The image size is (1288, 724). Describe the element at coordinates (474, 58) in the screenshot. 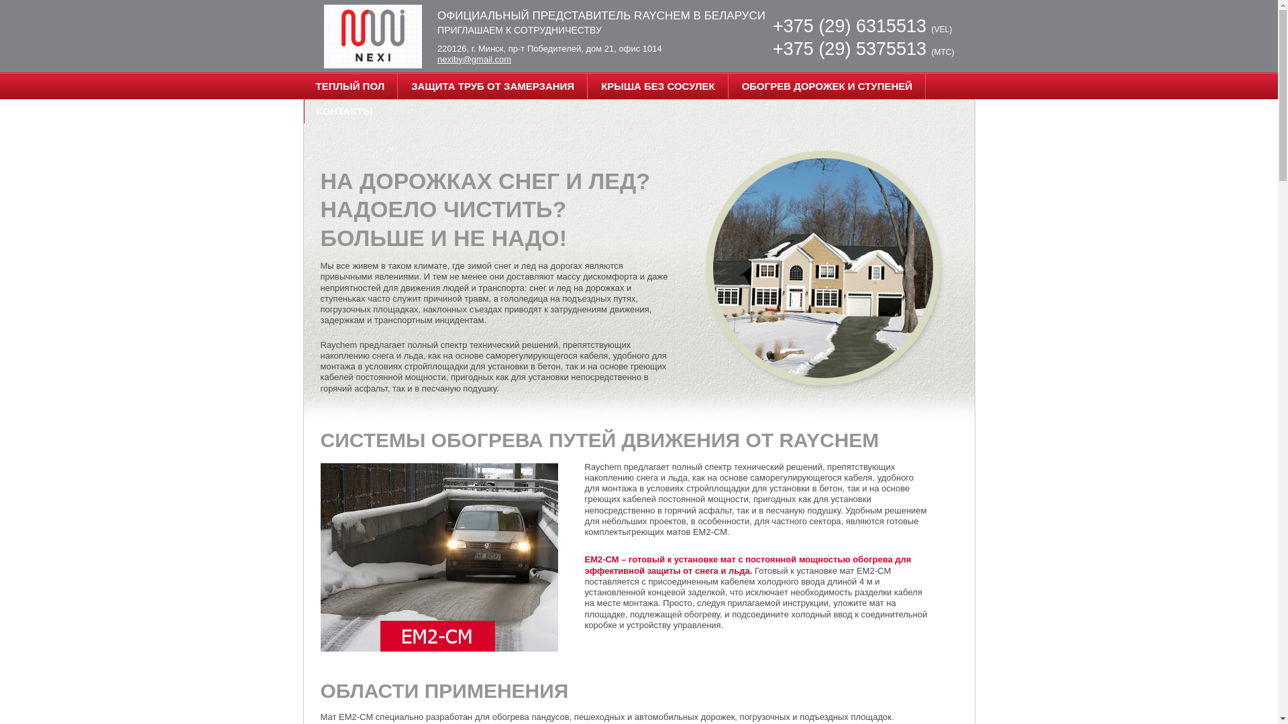

I see `'nexiby@gmail.com'` at that location.